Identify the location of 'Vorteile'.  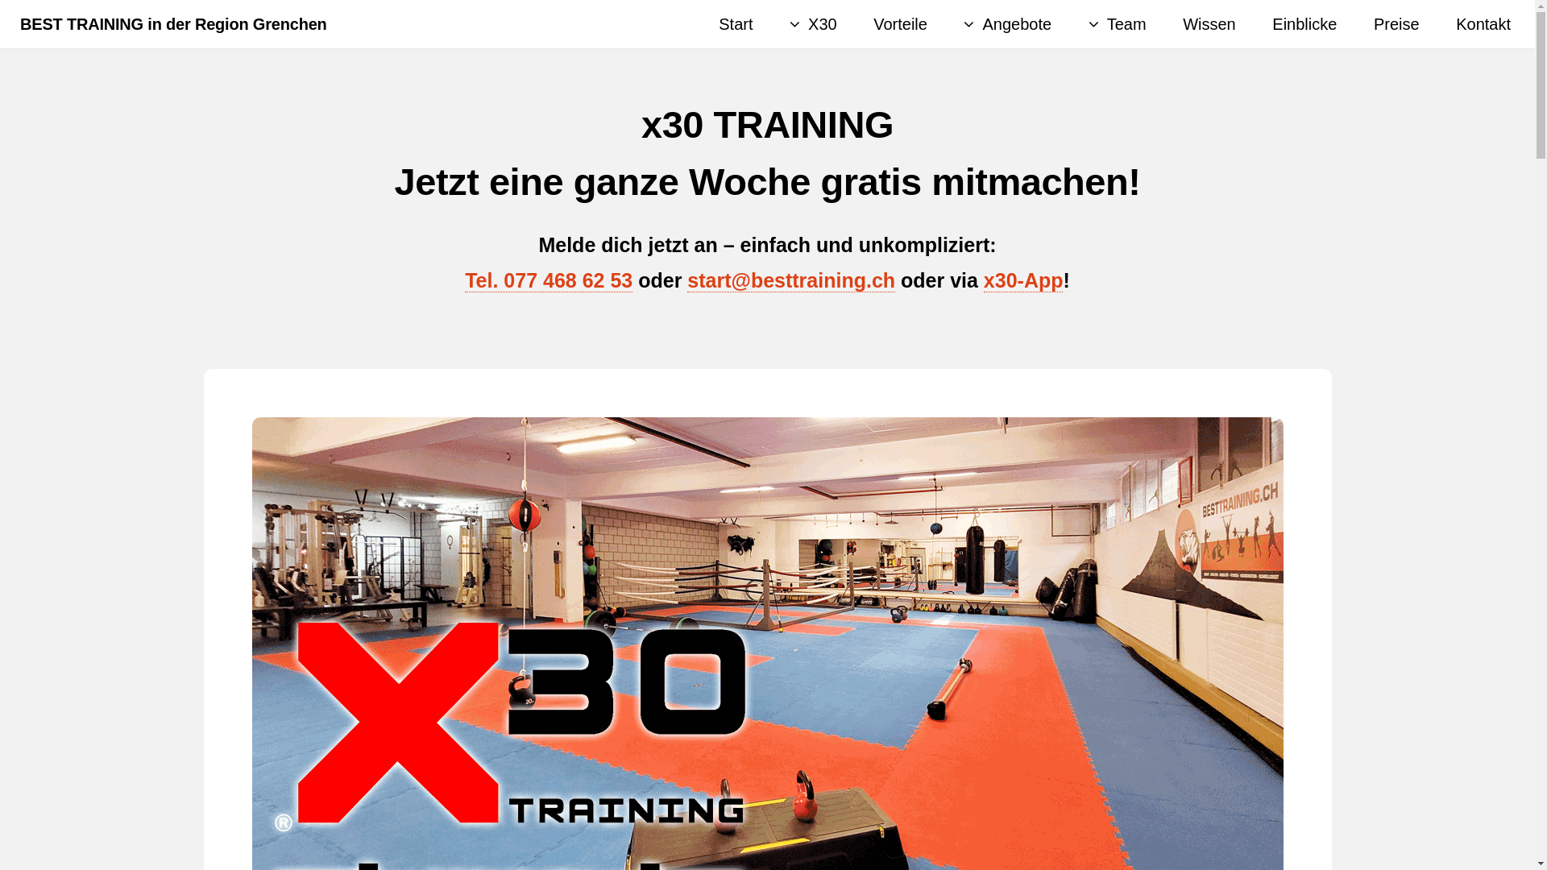
(899, 24).